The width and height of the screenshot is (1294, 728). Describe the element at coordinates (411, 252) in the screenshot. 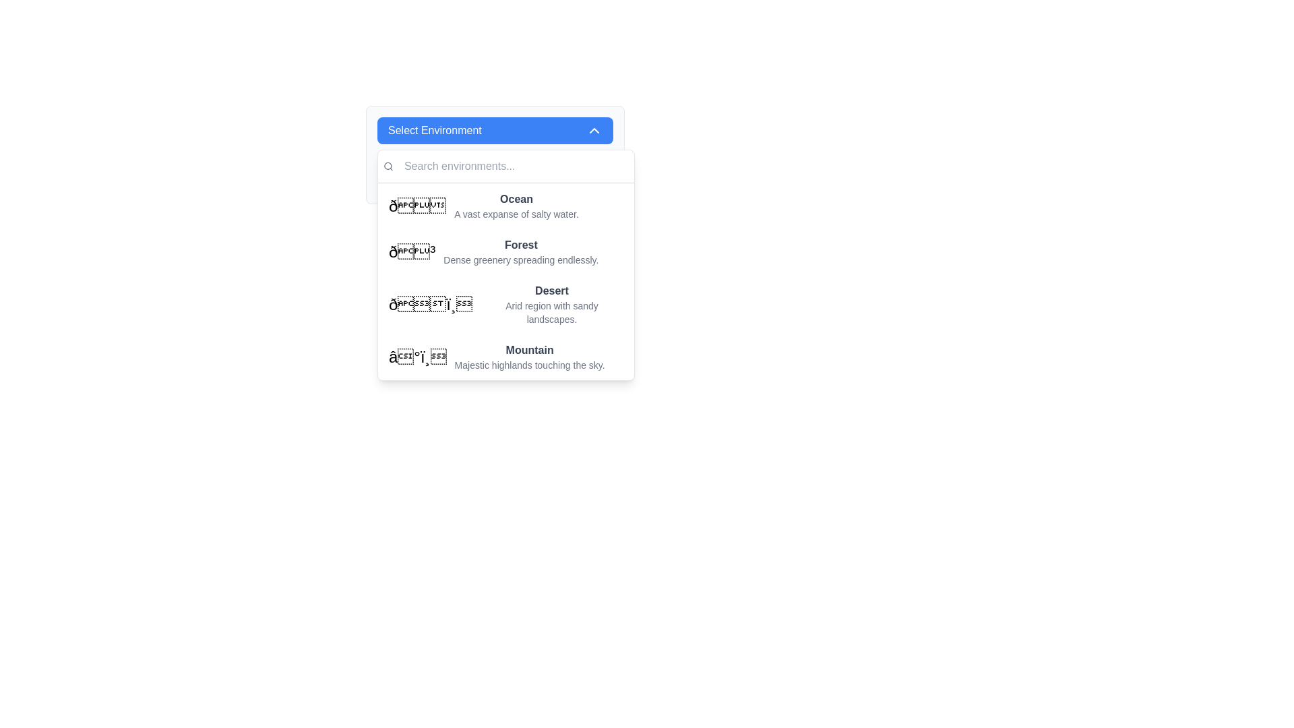

I see `the visual marker icon for the 'Forest' dropdown option, which is positioned to the left of the text 'Forest'` at that location.